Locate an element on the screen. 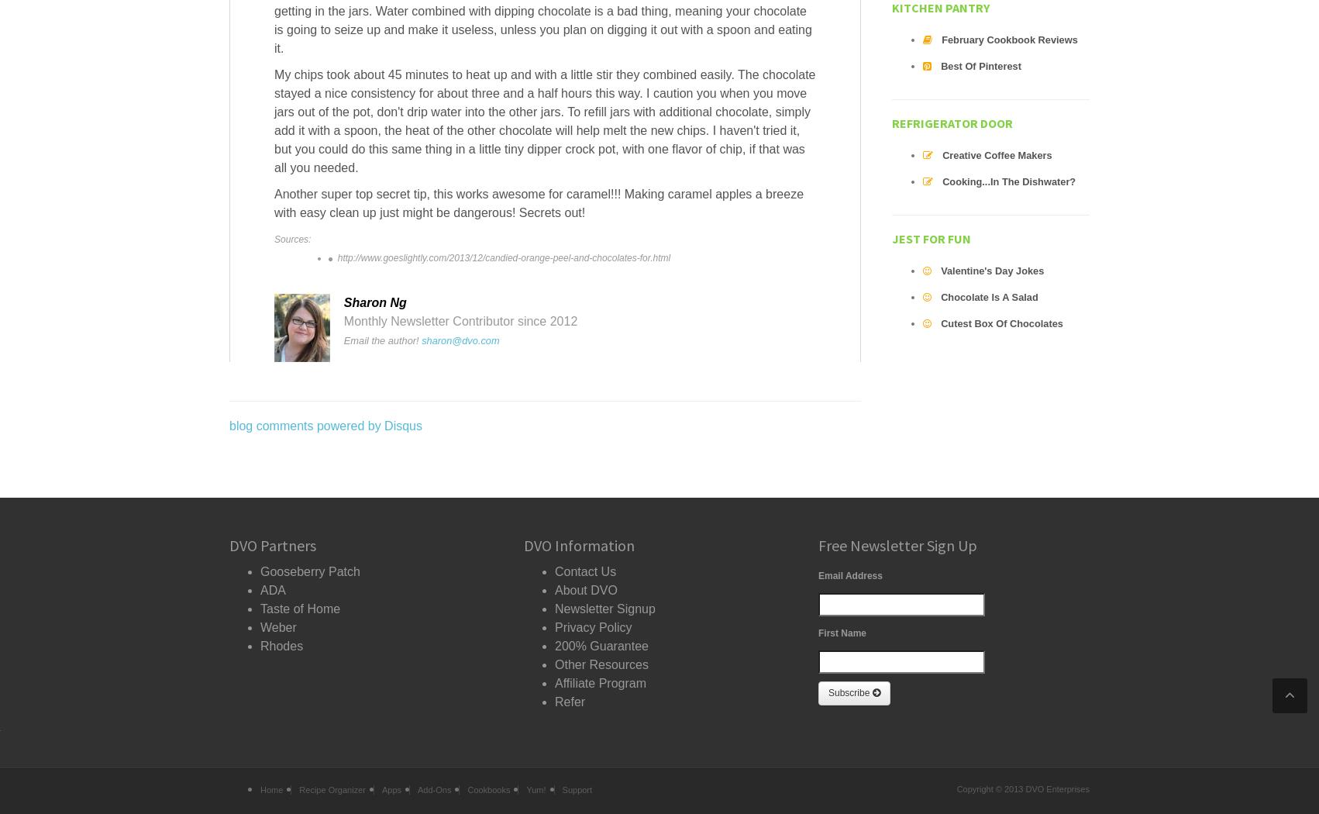  'Cooking...In The Dishwater?' is located at coordinates (1008, 181).